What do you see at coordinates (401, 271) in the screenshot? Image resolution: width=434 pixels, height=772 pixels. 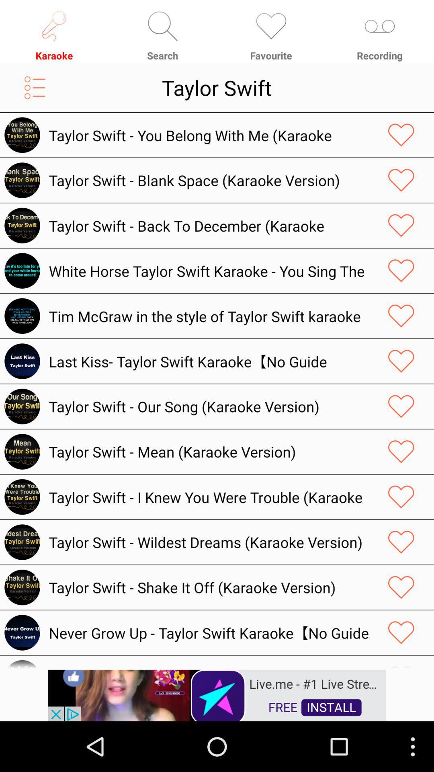 I see `favorite` at bounding box center [401, 271].